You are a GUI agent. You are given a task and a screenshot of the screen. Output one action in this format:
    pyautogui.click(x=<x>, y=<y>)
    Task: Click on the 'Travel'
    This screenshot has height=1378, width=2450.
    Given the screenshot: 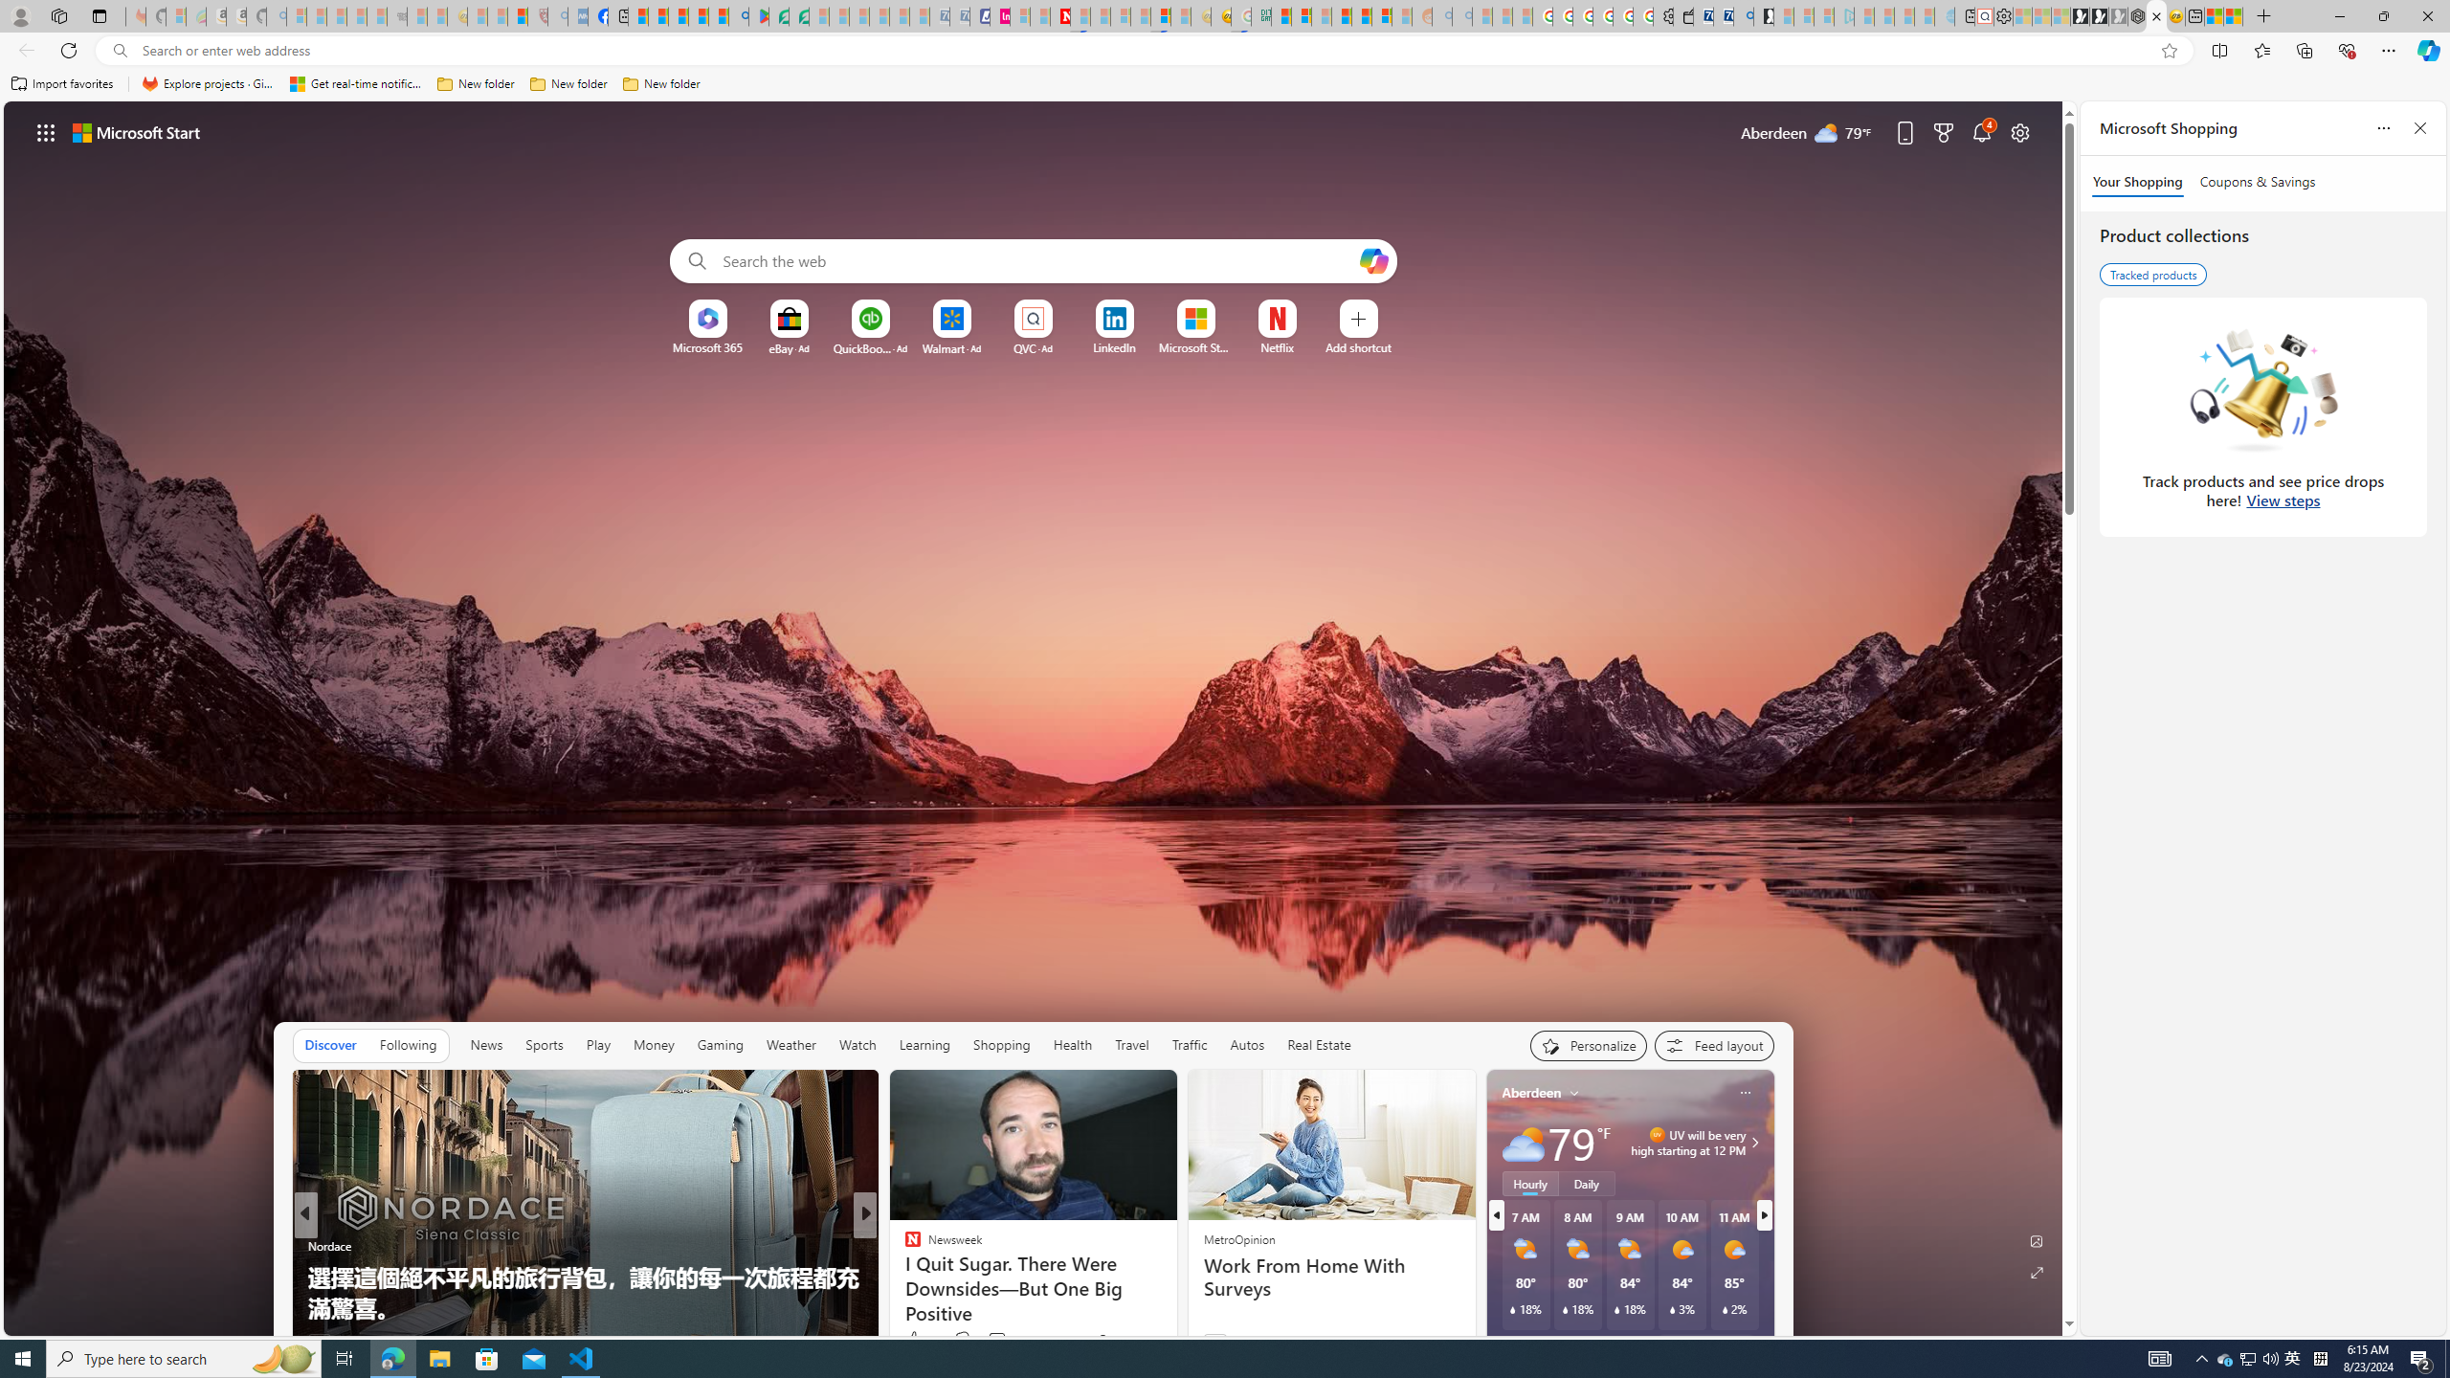 What is the action you would take?
    pyautogui.click(x=1131, y=1044)
    